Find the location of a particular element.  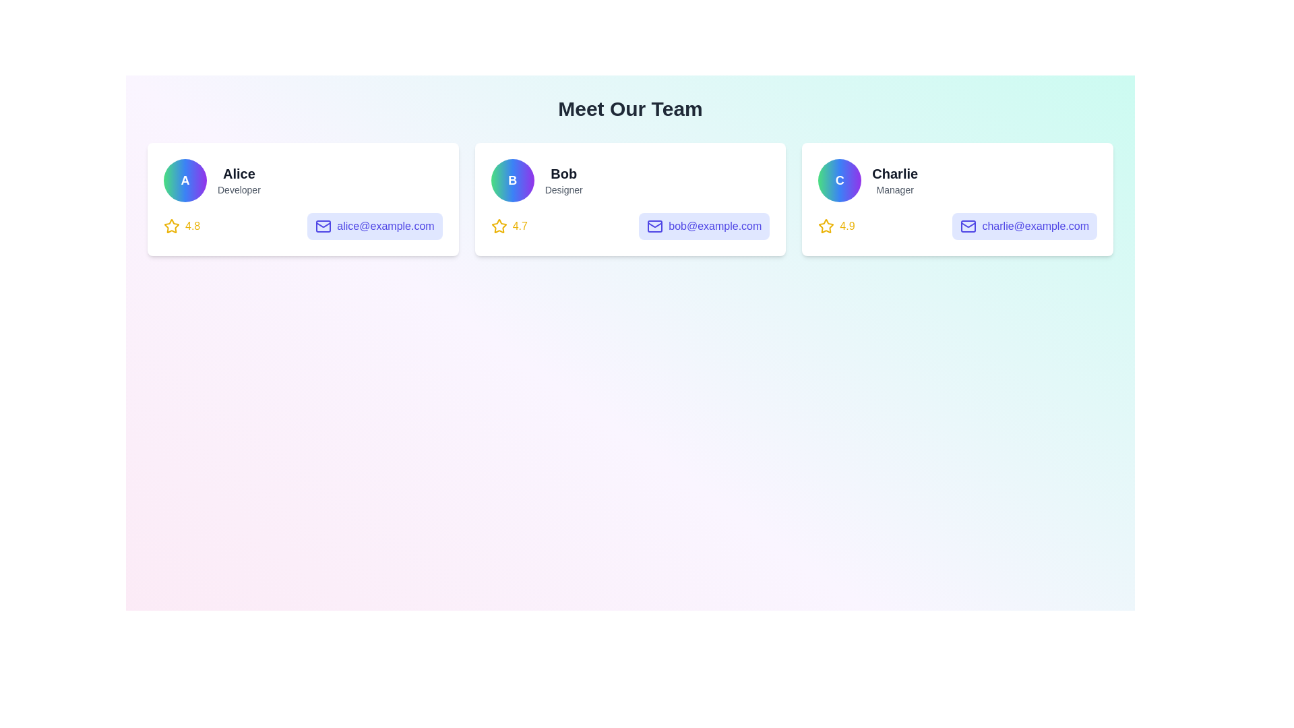

the text label displaying 'Alice' is located at coordinates (239, 173).